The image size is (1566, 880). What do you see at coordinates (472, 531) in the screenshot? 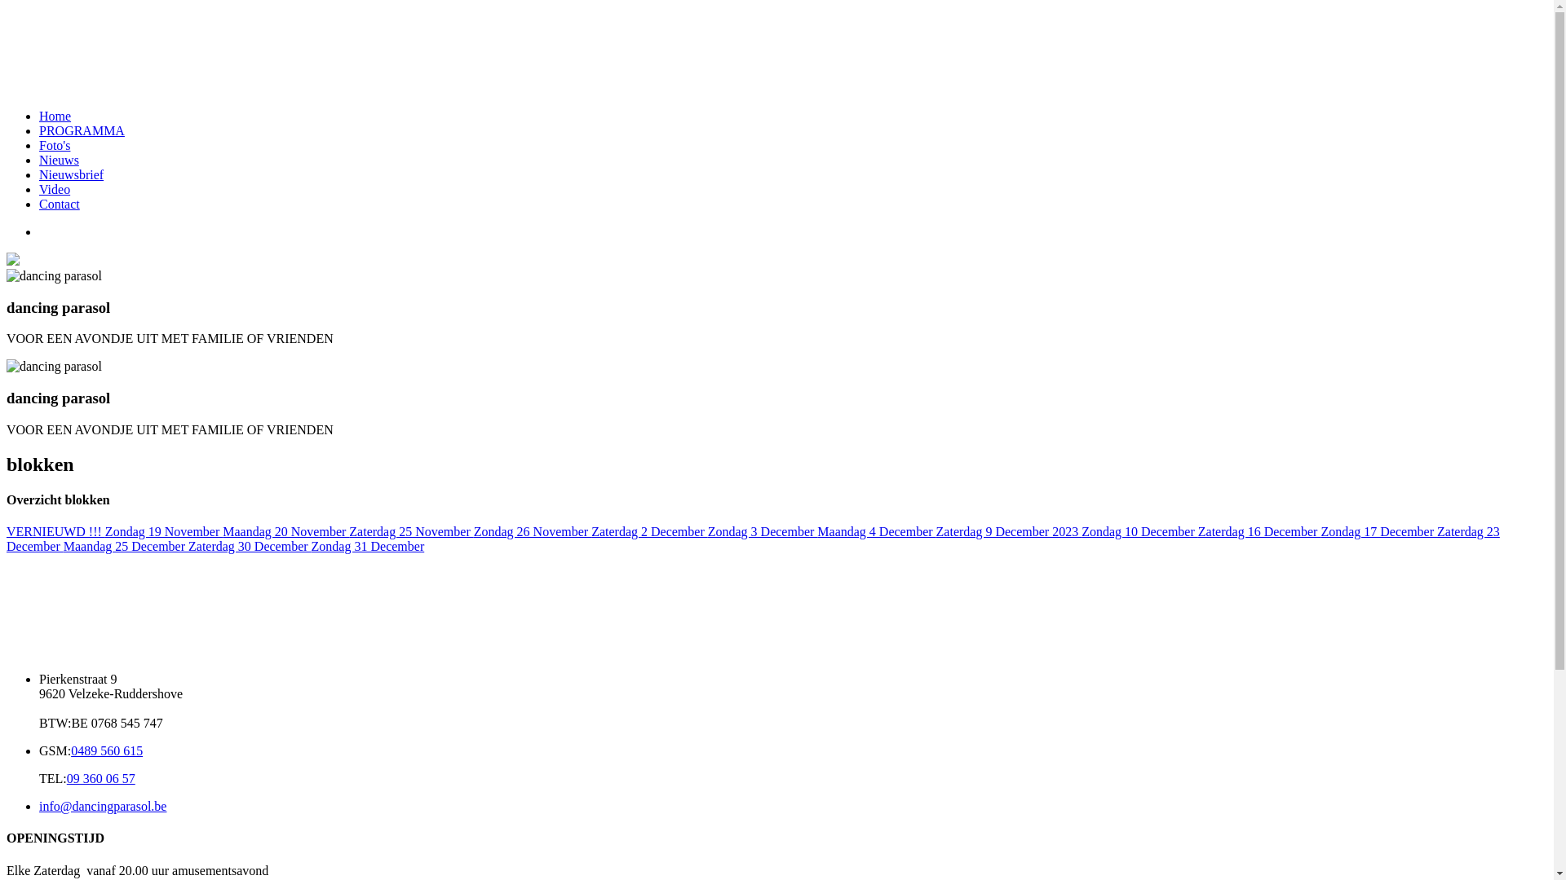
I see `'Zondag 26 November'` at bounding box center [472, 531].